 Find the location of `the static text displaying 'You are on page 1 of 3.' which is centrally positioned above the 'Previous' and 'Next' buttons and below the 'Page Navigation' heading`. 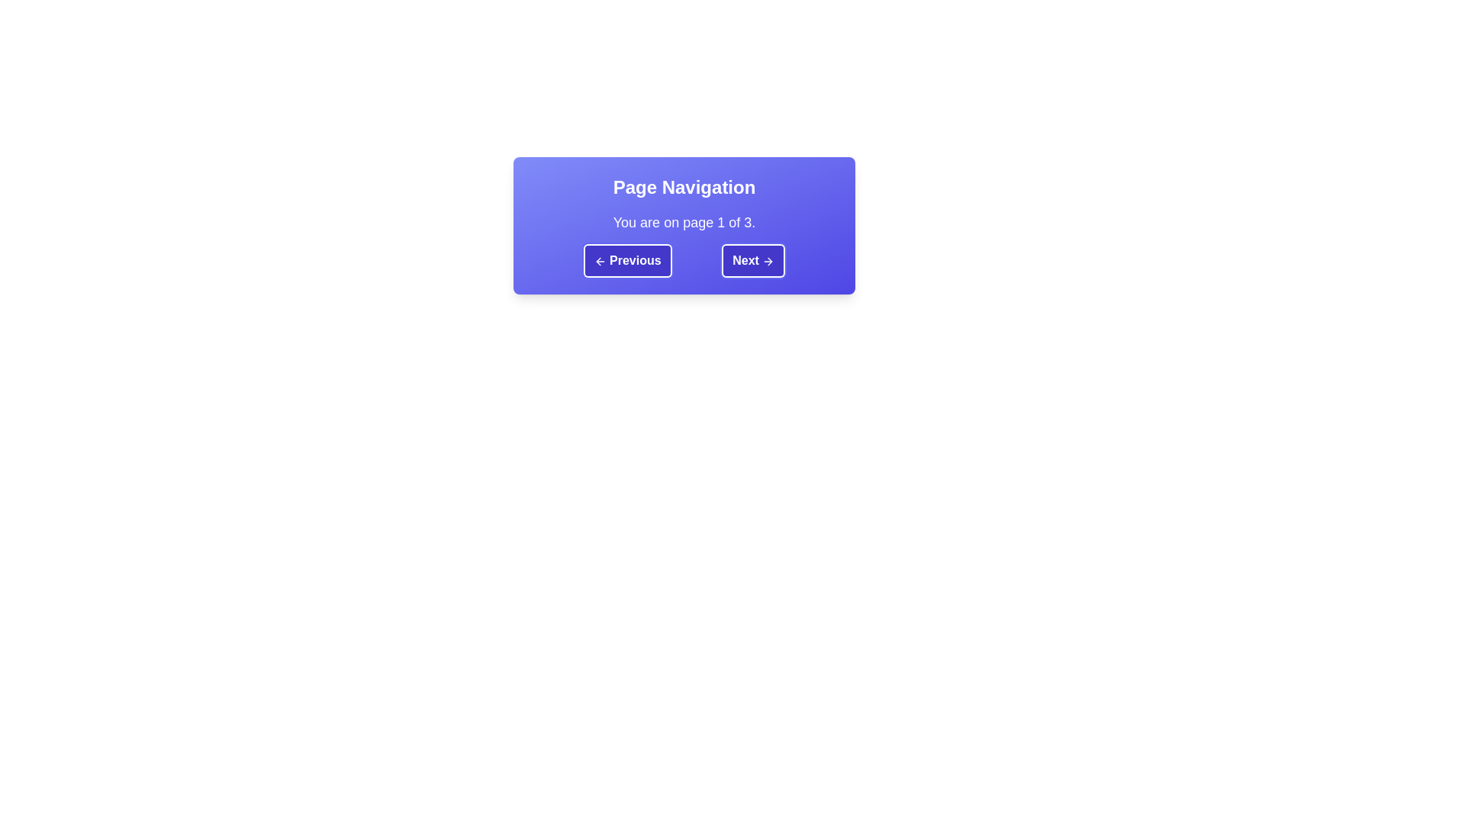

the static text displaying 'You are on page 1 of 3.' which is centrally positioned above the 'Previous' and 'Next' buttons and below the 'Page Navigation' heading is located at coordinates (684, 223).